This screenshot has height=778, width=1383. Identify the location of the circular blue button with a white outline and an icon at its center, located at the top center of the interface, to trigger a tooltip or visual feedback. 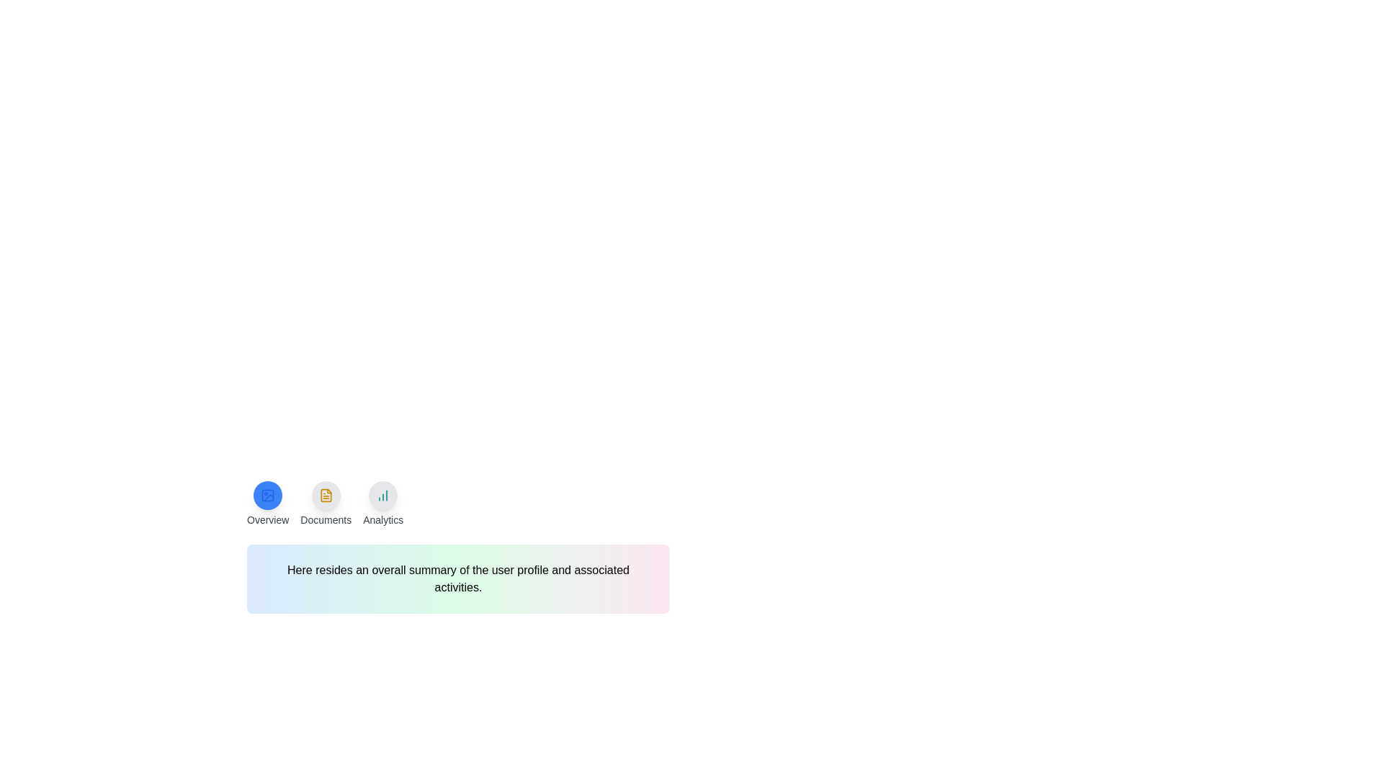
(268, 494).